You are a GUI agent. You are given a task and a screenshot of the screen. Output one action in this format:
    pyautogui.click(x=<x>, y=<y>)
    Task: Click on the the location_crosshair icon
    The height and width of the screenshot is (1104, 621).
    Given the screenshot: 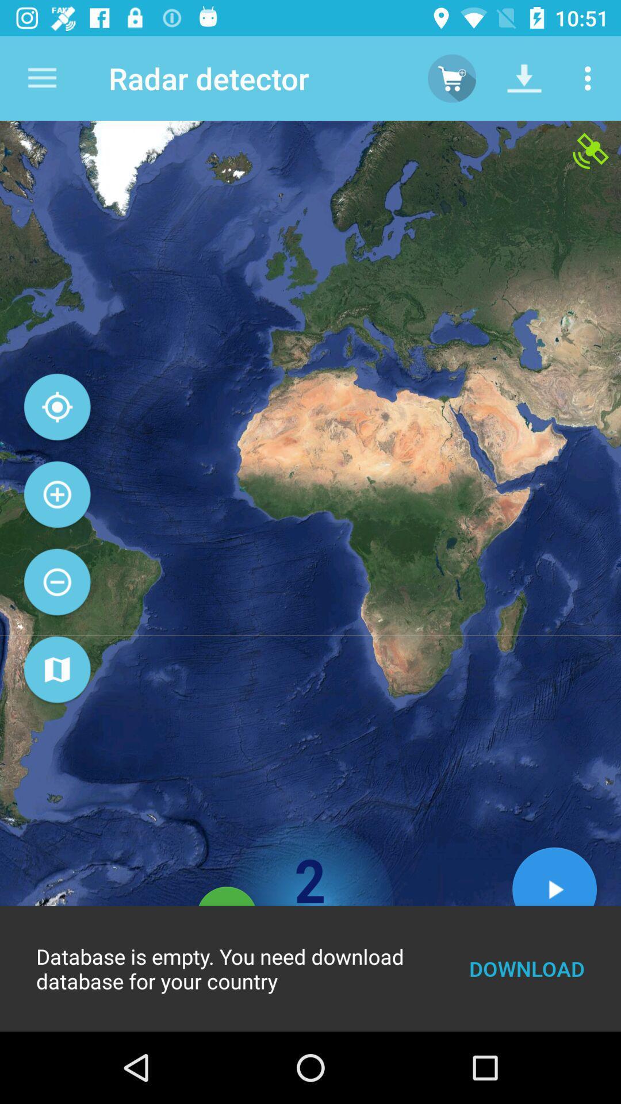 What is the action you would take?
    pyautogui.click(x=57, y=407)
    